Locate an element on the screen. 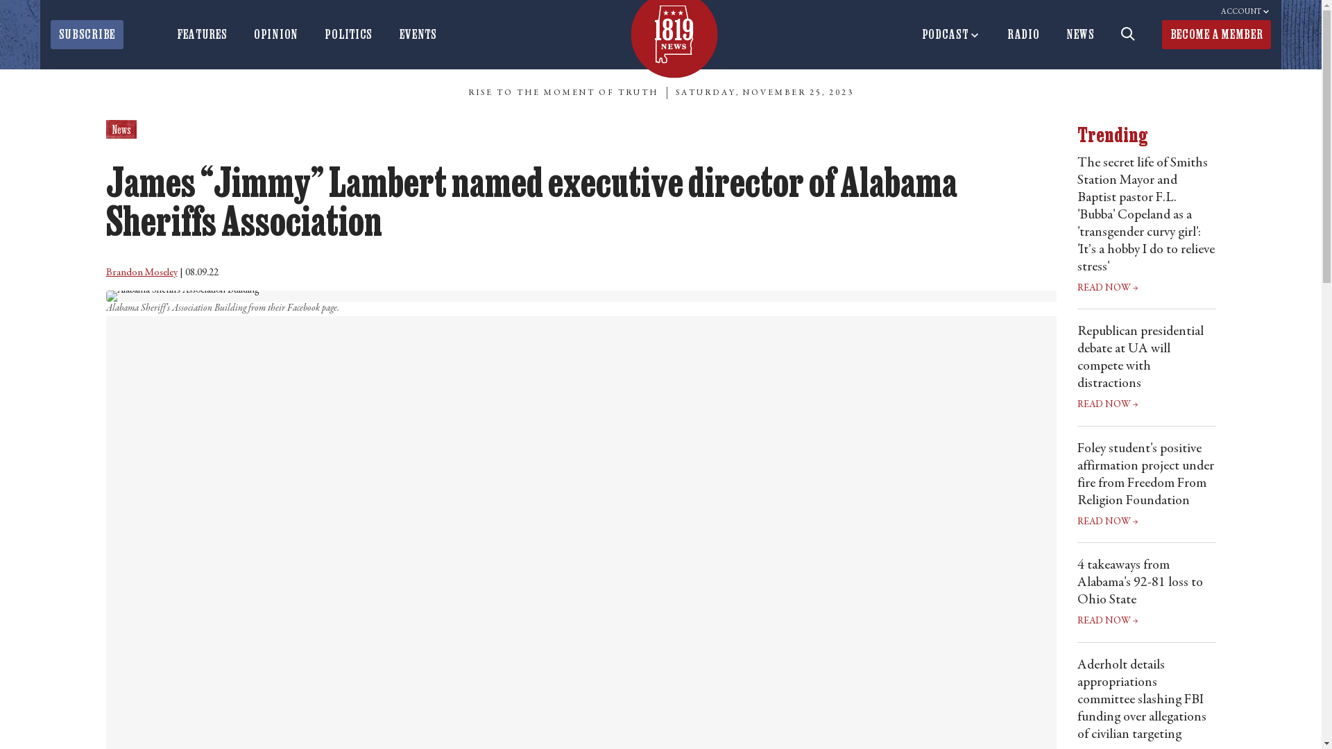  'FEATURES' is located at coordinates (201, 34).